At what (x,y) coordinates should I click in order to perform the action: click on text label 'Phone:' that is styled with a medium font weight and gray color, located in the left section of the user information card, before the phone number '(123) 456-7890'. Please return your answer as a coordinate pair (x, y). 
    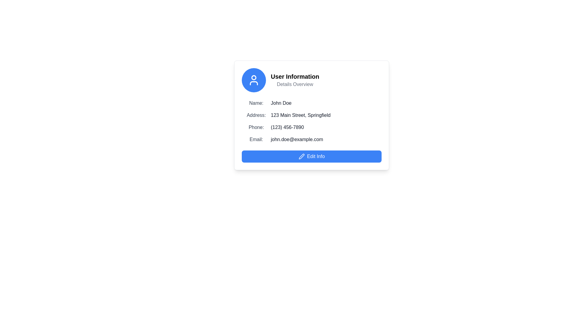
    Looking at the image, I should click on (256, 127).